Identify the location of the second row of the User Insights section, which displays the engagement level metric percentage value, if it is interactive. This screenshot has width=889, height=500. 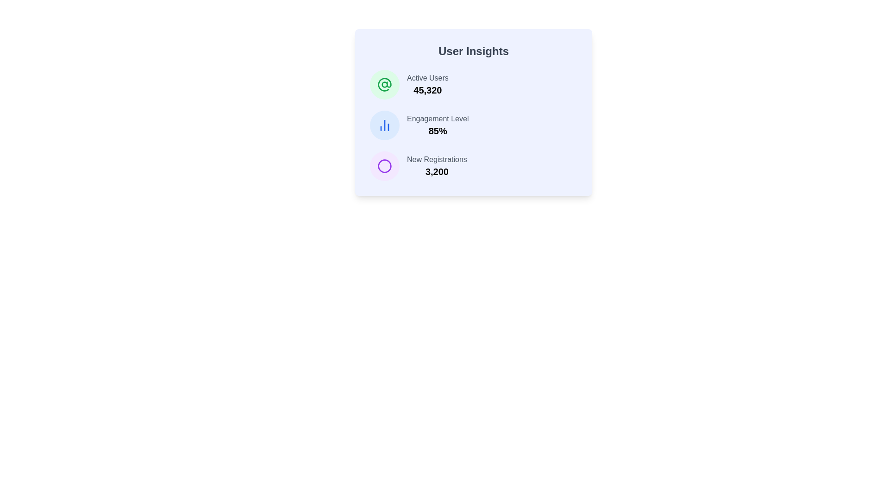
(473, 125).